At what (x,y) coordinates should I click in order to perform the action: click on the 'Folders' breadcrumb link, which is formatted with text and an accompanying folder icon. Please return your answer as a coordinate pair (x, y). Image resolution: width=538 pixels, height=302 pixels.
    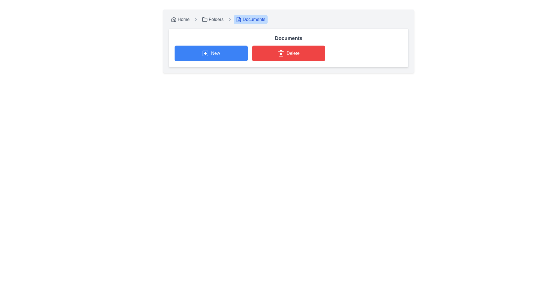
    Looking at the image, I should click on (216, 19).